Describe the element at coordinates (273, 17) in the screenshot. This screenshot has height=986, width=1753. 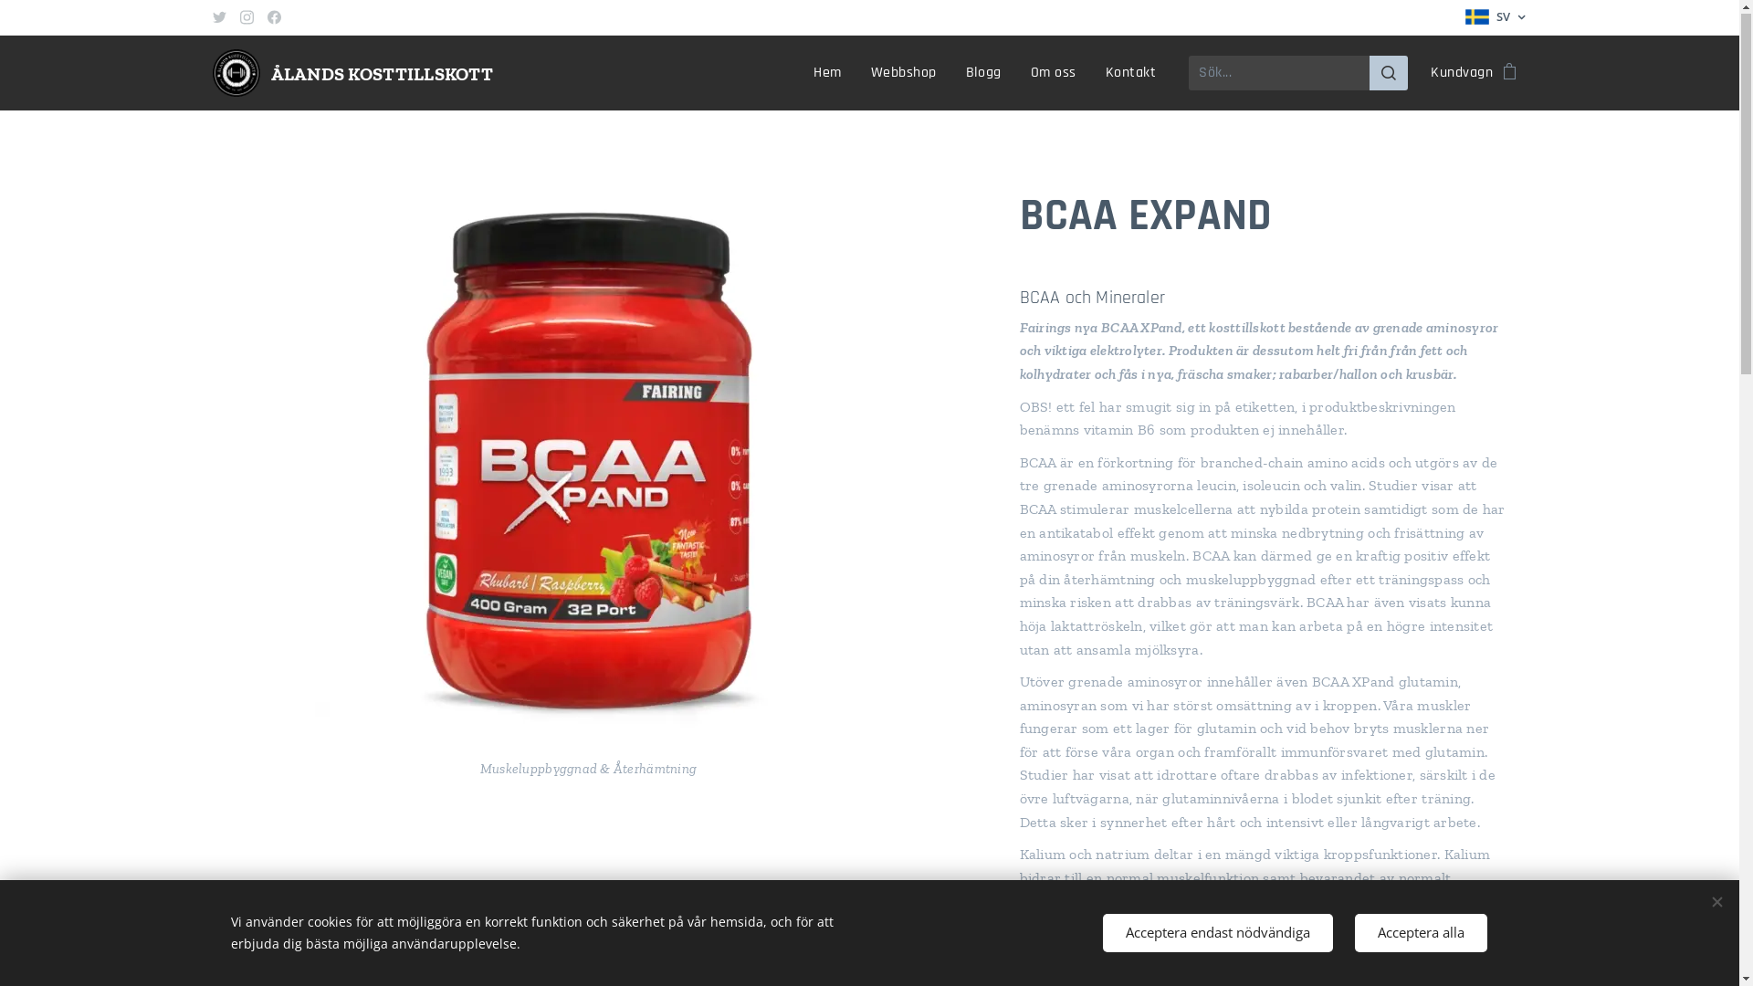
I see `'Facebook'` at that location.